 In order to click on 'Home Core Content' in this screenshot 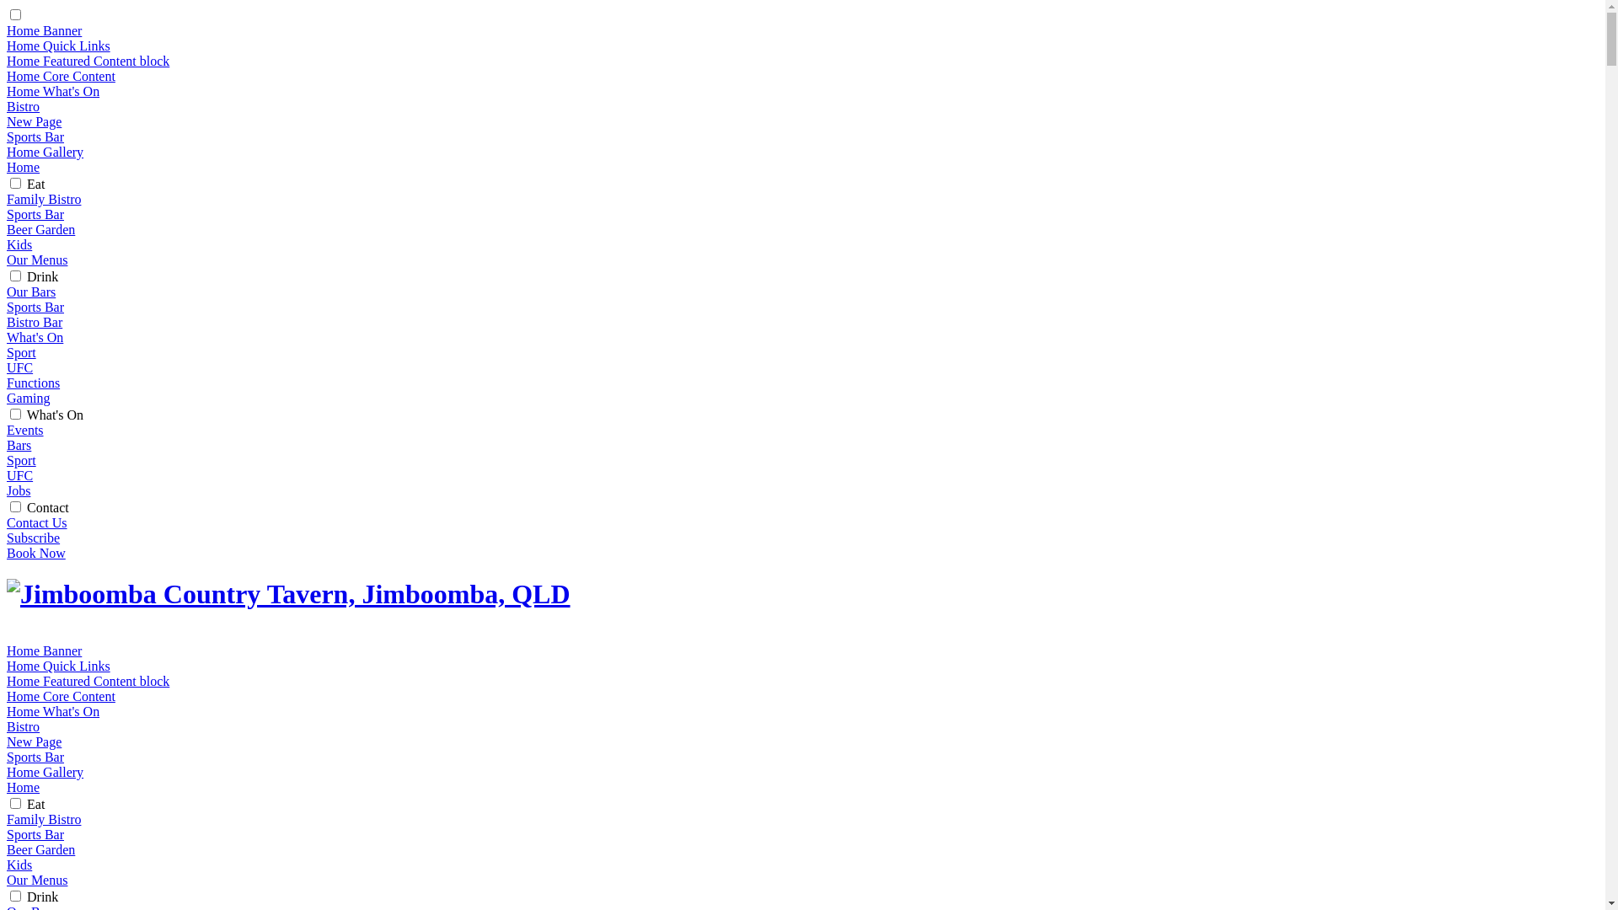, I will do `click(61, 76)`.